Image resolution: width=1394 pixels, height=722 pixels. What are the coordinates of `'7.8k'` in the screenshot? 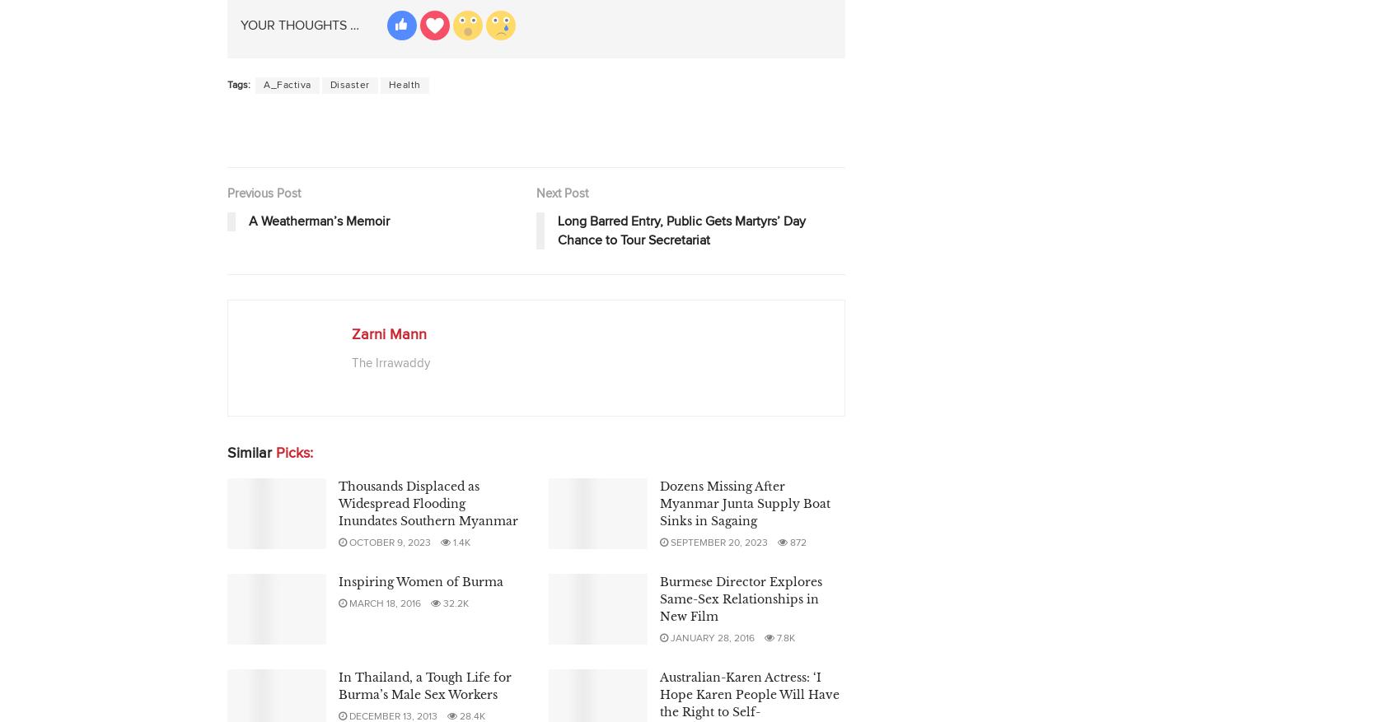 It's located at (784, 638).